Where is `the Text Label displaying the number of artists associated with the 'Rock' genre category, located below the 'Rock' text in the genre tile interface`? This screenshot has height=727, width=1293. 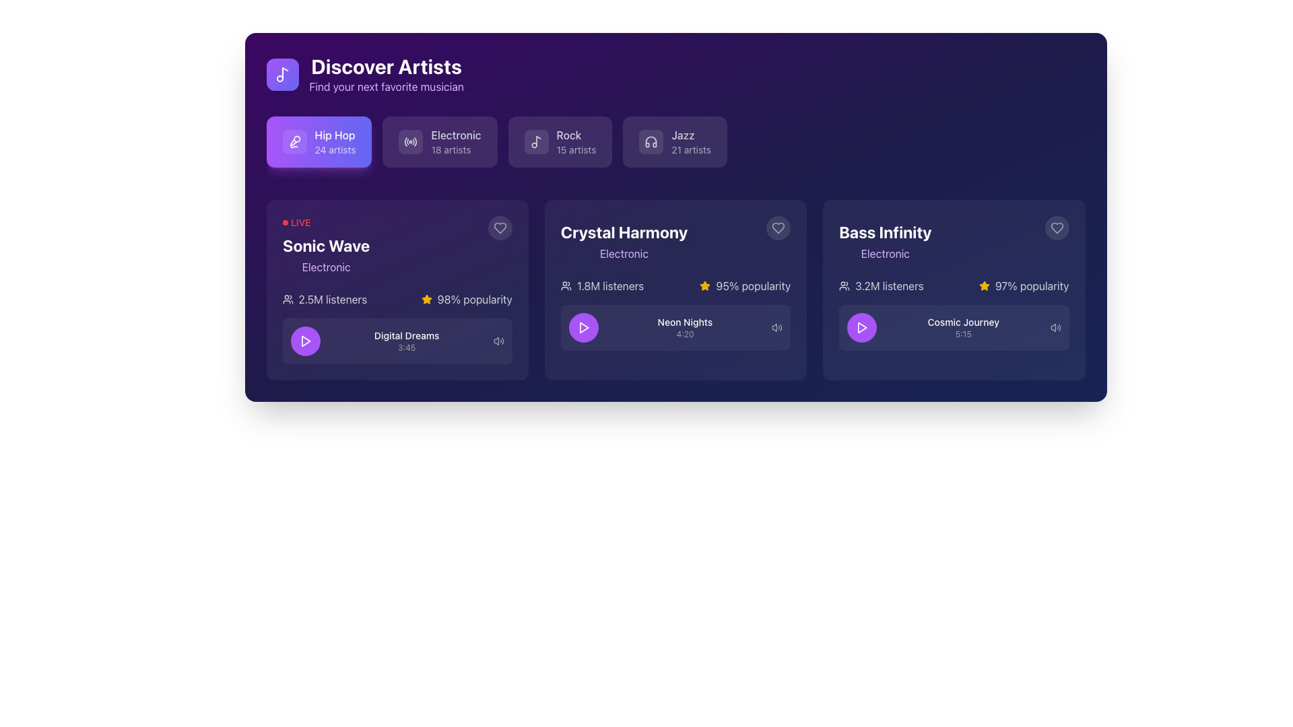 the Text Label displaying the number of artists associated with the 'Rock' genre category, located below the 'Rock' text in the genre tile interface is located at coordinates (576, 150).